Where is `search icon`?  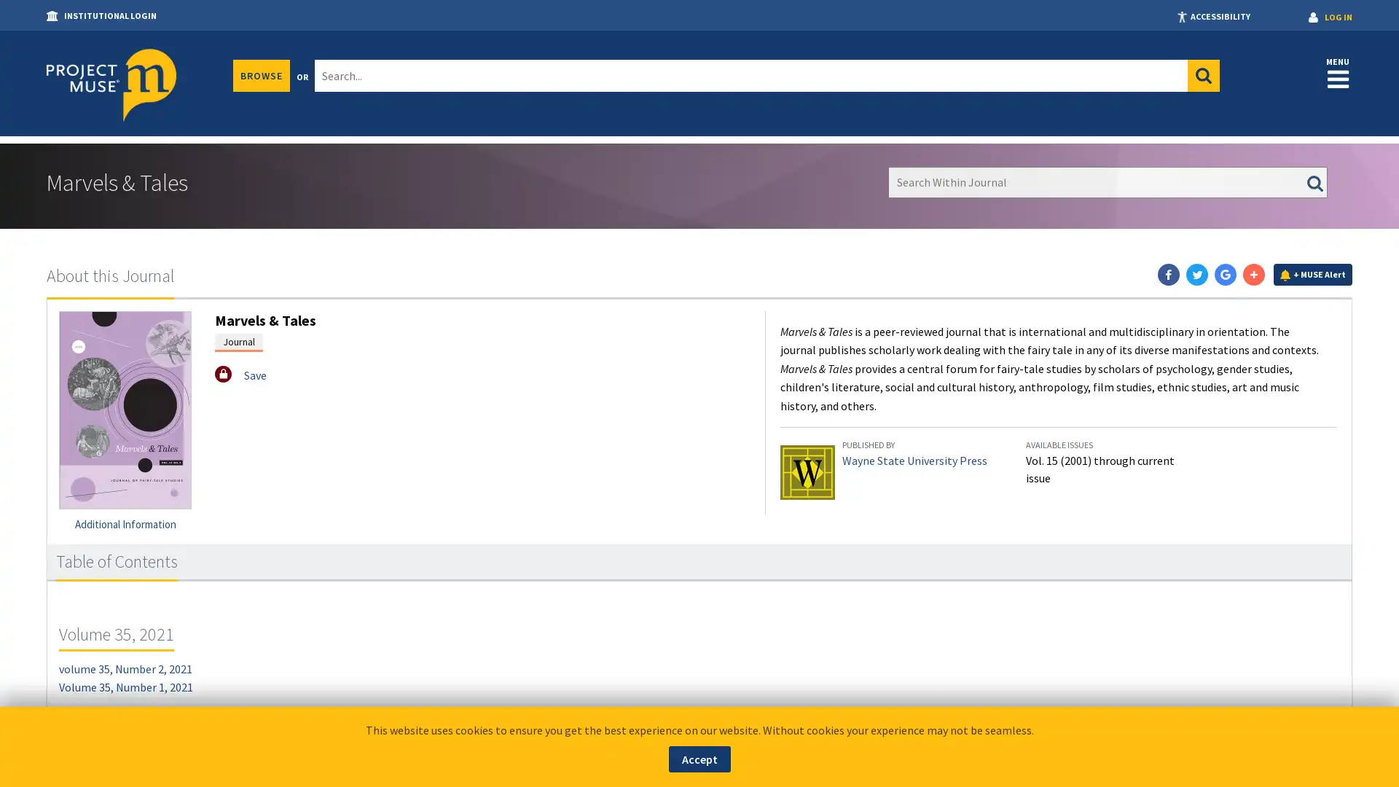 search icon is located at coordinates (1203, 76).